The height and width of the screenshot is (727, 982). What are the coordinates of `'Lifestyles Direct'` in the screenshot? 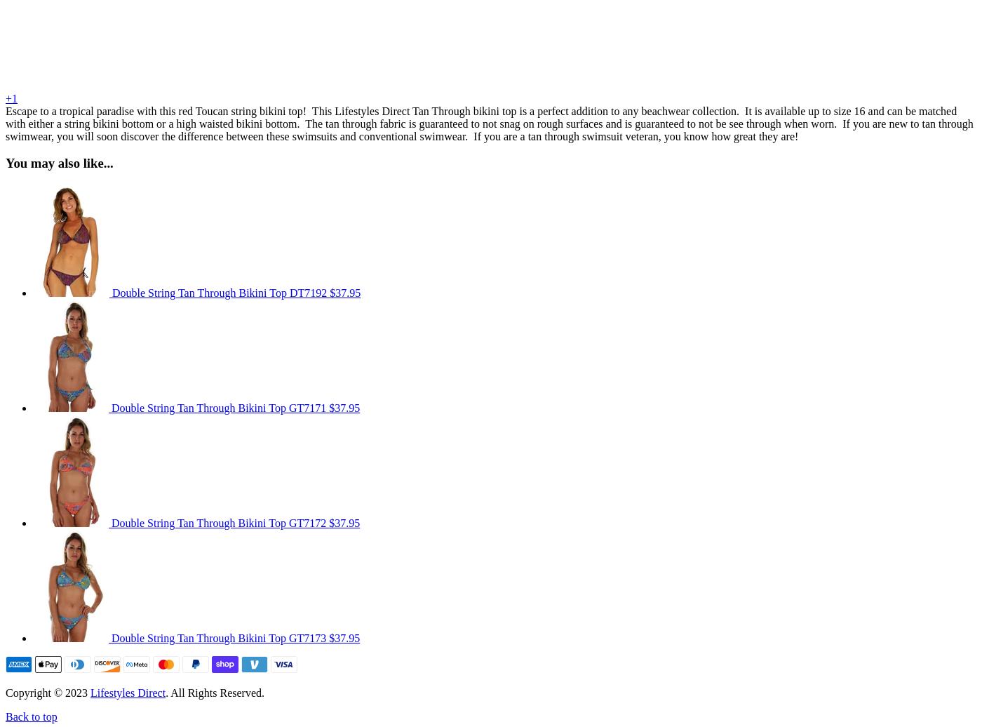 It's located at (128, 693).